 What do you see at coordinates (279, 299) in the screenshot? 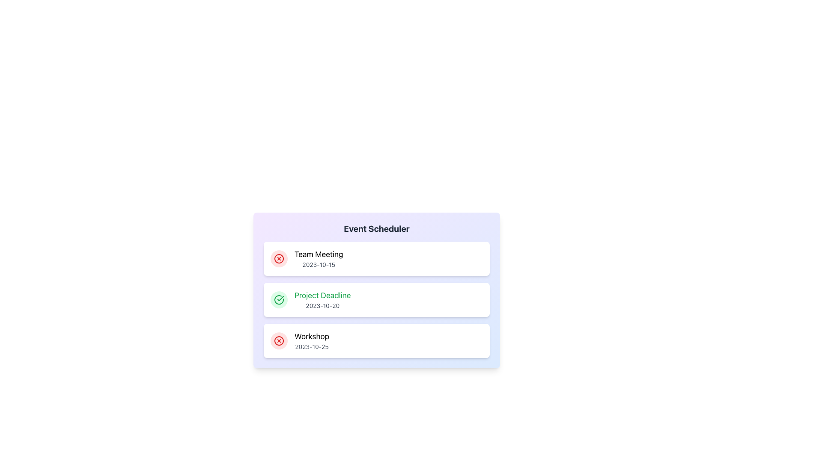
I see `the Circular Status Icon indicating the completion of the 'Project Deadline' task, which is visually distinct due to its green color and circular shape` at bounding box center [279, 299].